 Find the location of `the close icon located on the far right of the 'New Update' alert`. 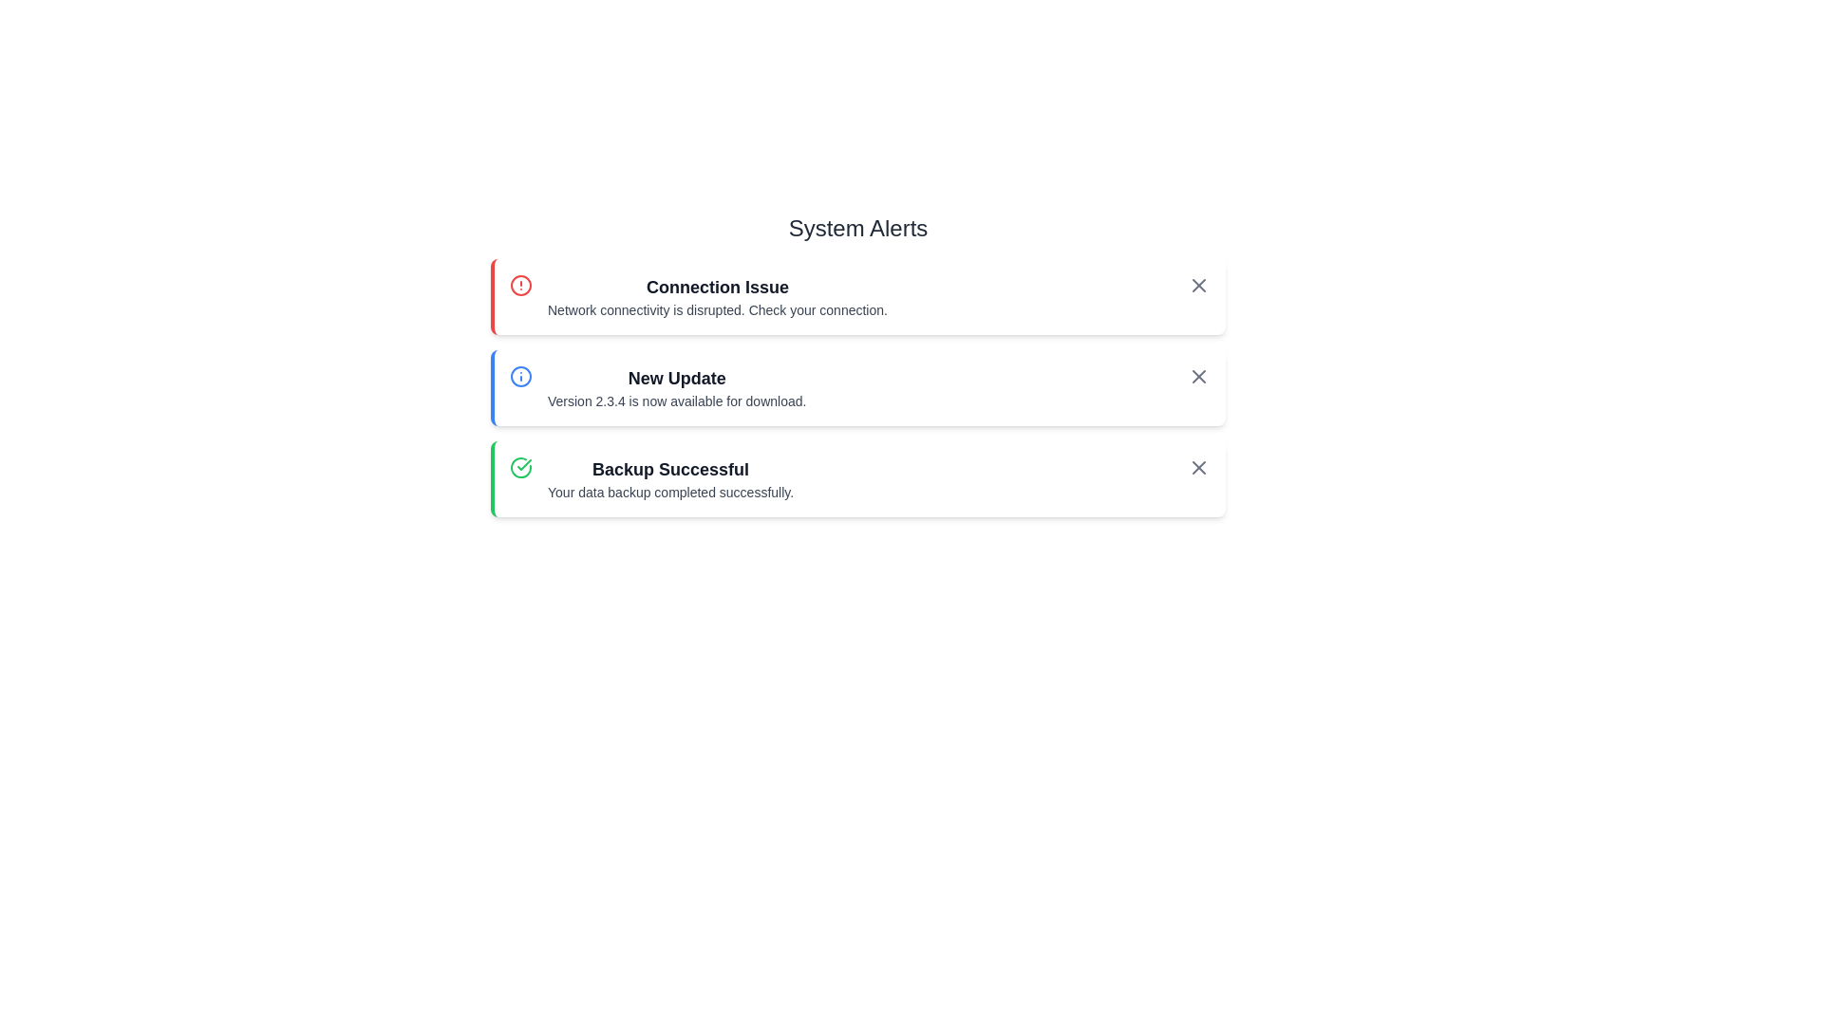

the close icon located on the far right of the 'New Update' alert is located at coordinates (1197, 377).